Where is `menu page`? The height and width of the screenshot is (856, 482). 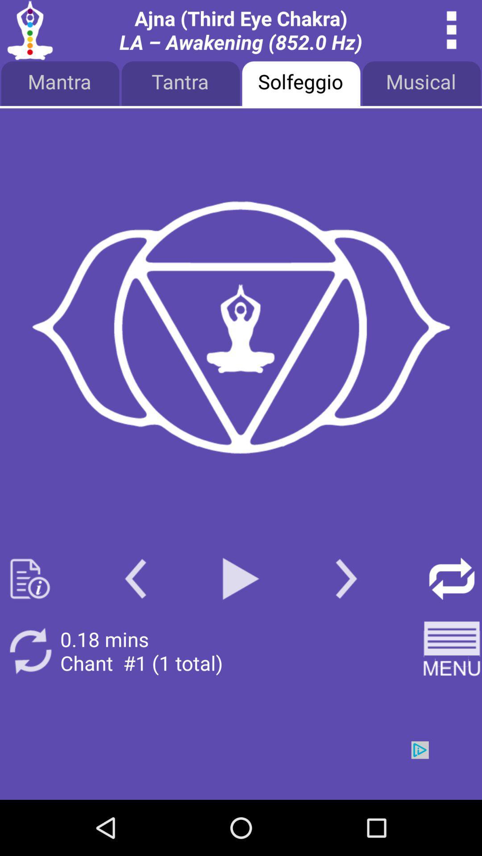
menu page is located at coordinates (240, 328).